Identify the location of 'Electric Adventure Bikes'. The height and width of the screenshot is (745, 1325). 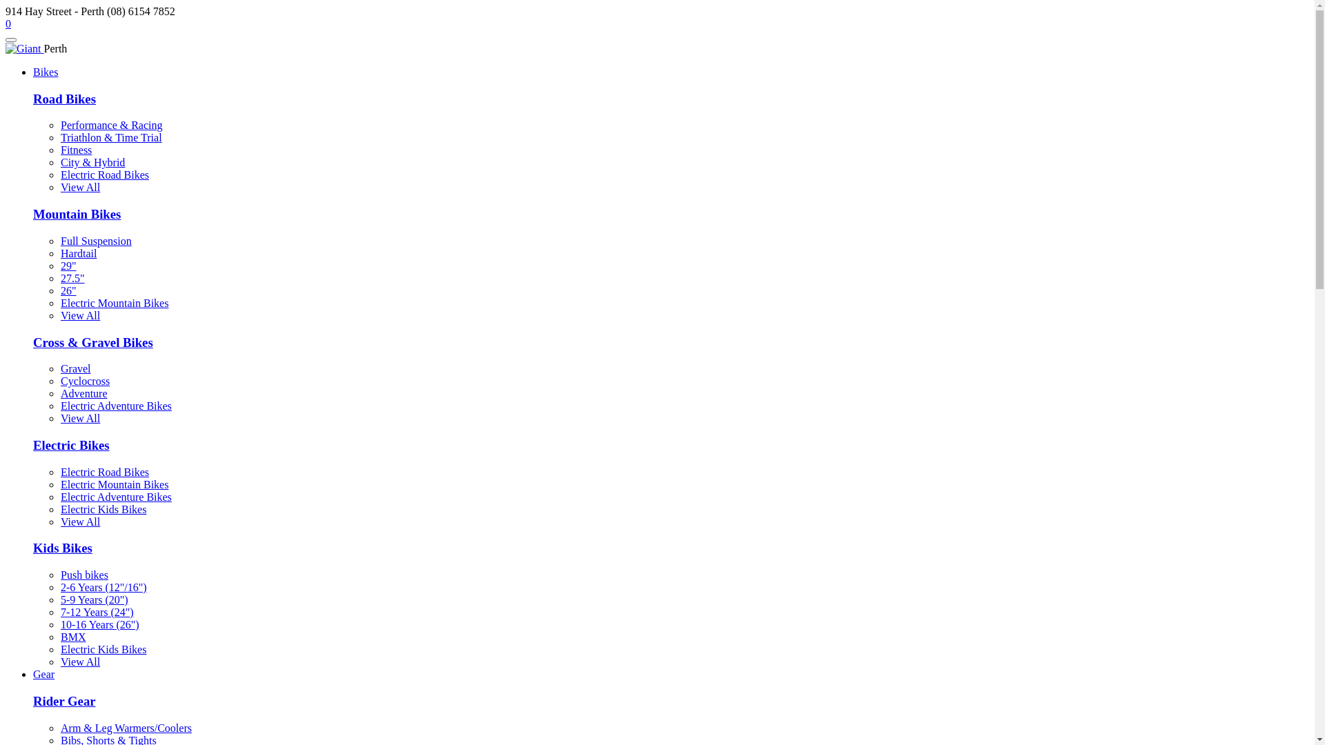
(59, 405).